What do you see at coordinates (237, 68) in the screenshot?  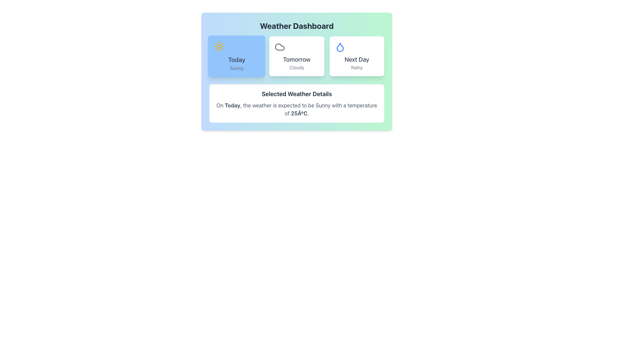 I see `the text label displaying the word 'Sunny', which is a smaller gray font positioned below the larger 'Today' text label in the first weather card` at bounding box center [237, 68].